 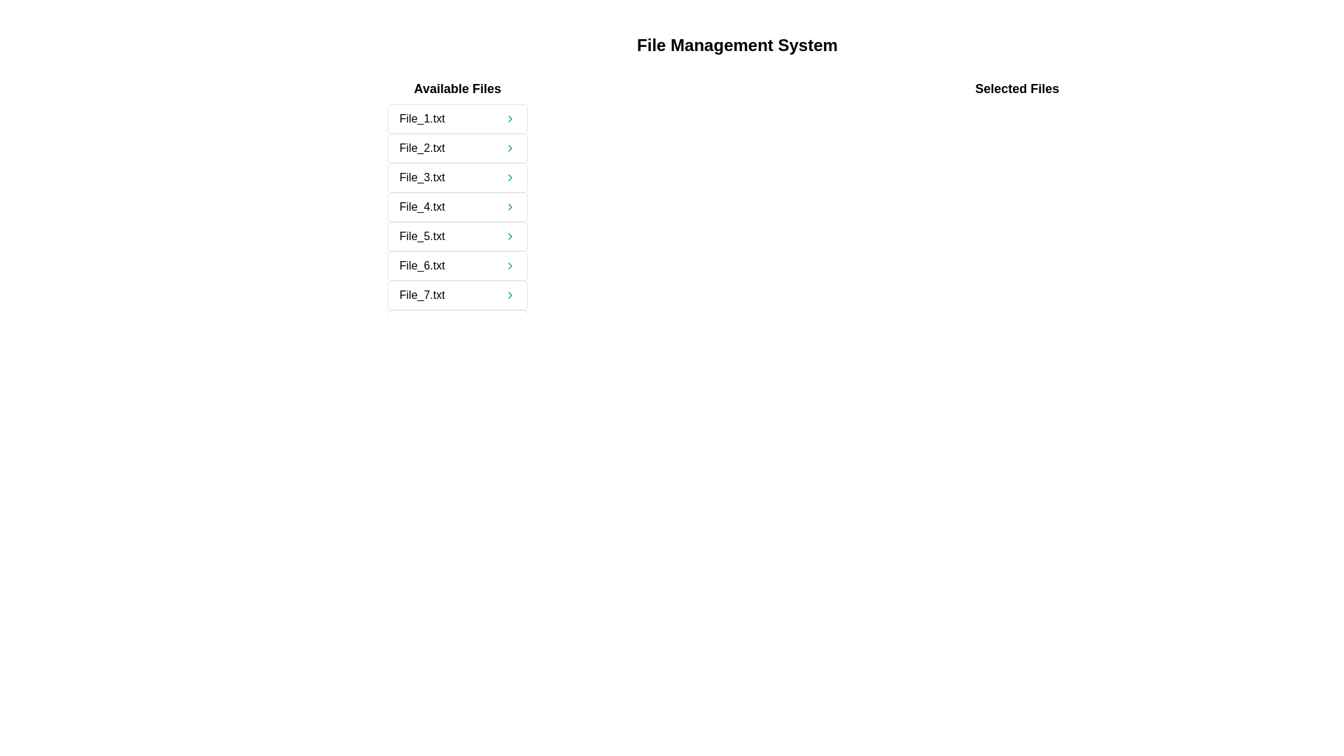 What do you see at coordinates (457, 209) in the screenshot?
I see `to select the fourth file entry 'File_4.txt' in the scrollable list of available files` at bounding box center [457, 209].